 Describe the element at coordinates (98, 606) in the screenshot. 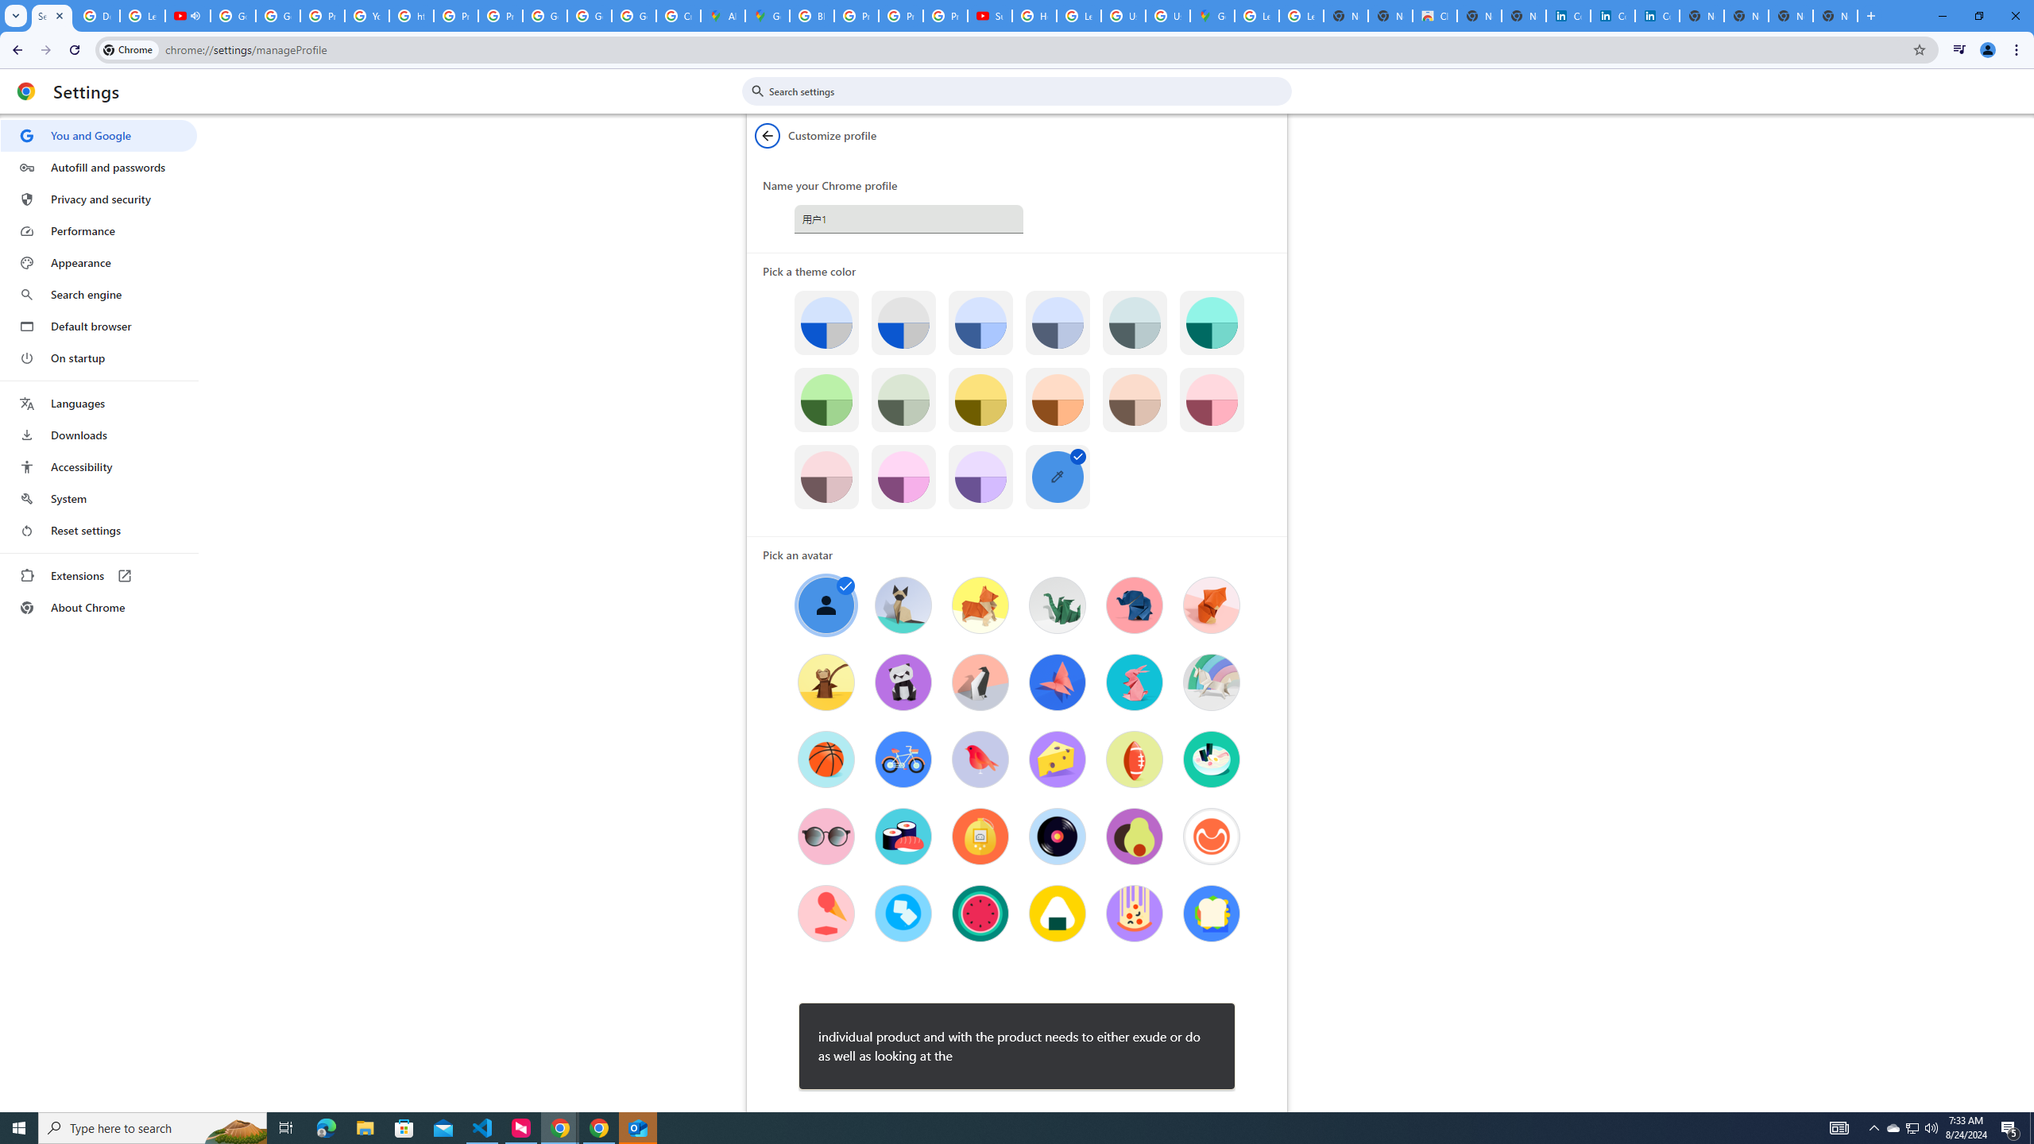

I see `'About Chrome'` at that location.